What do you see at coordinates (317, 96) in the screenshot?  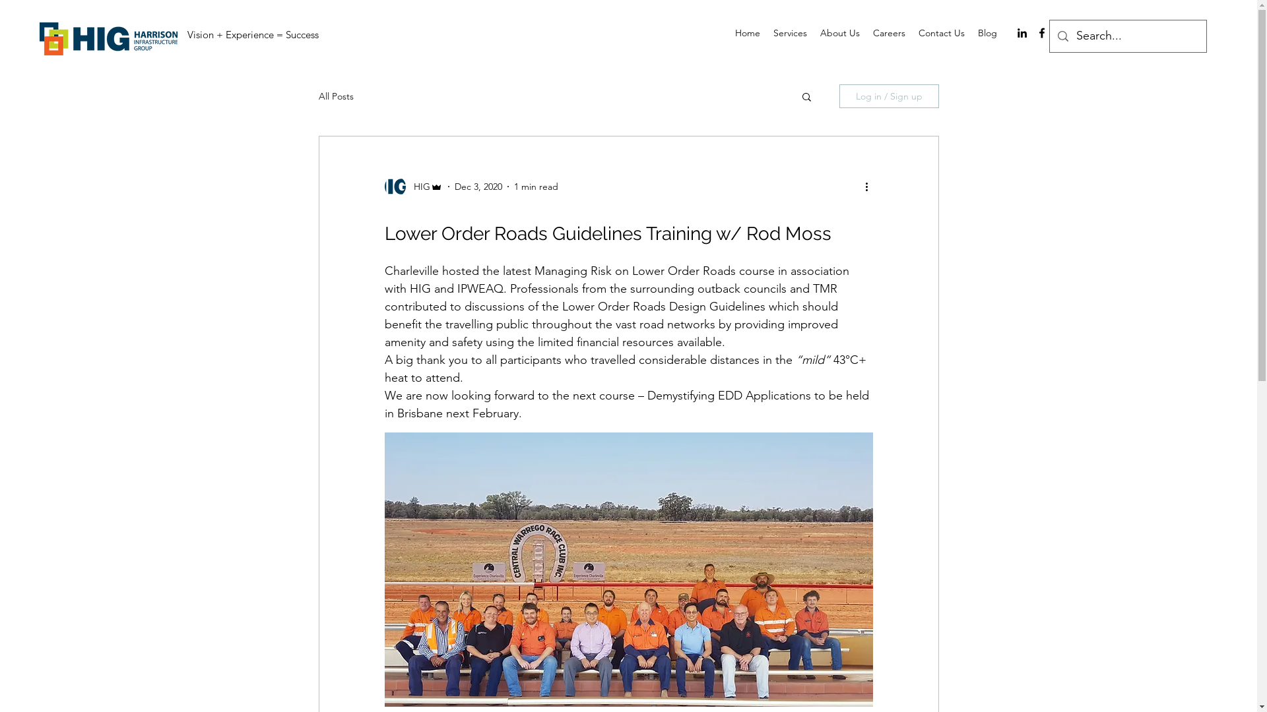 I see `'All Posts'` at bounding box center [317, 96].